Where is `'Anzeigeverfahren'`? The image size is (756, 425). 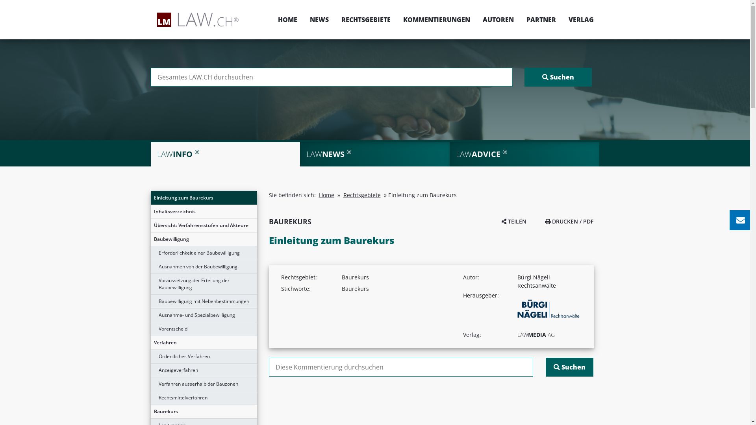 'Anzeigeverfahren' is located at coordinates (204, 370).